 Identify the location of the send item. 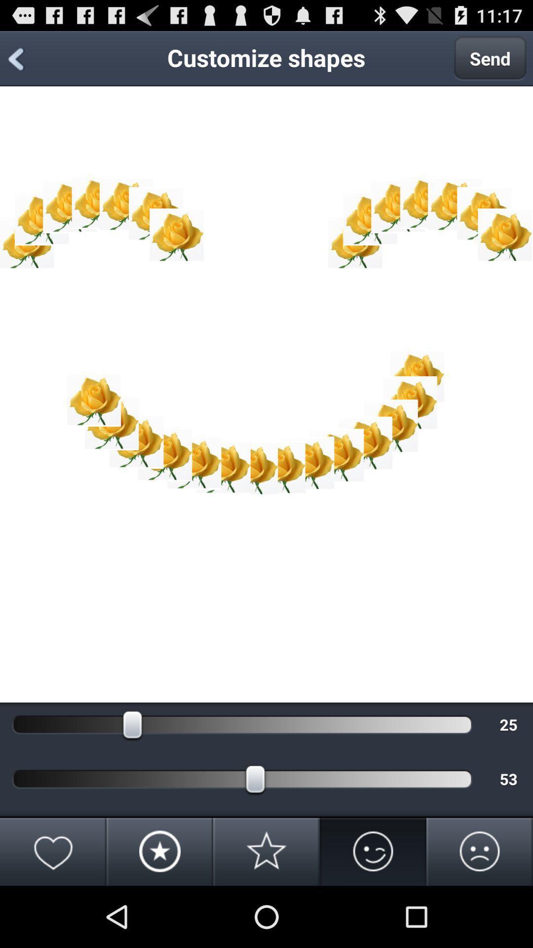
(490, 58).